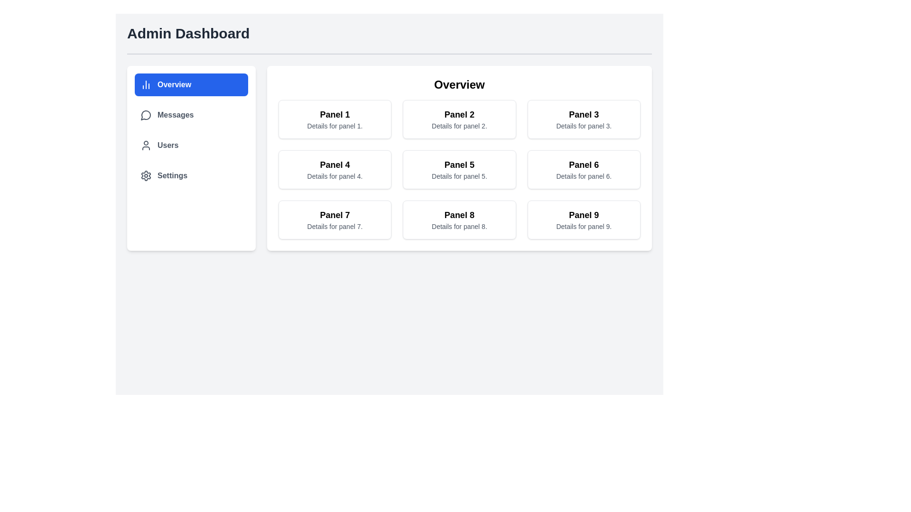  I want to click on the text label reading 'Details for panel 5.' which is centrally aligned within the panel titled 'Panel 5', so click(459, 176).